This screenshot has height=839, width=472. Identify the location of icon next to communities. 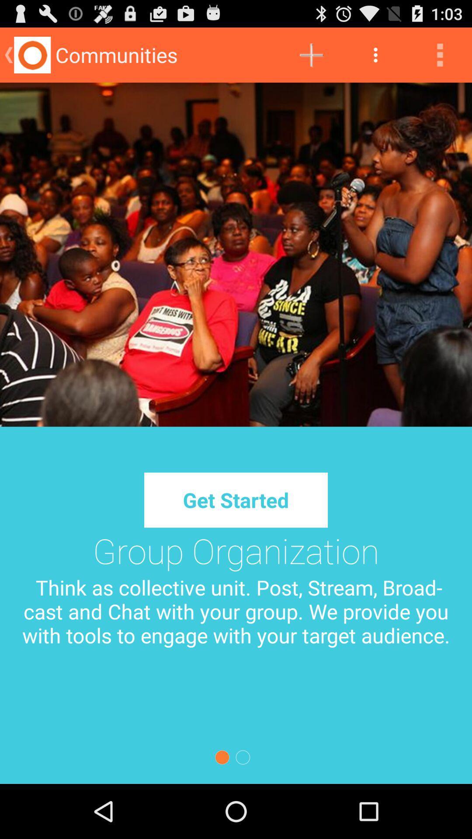
(311, 54).